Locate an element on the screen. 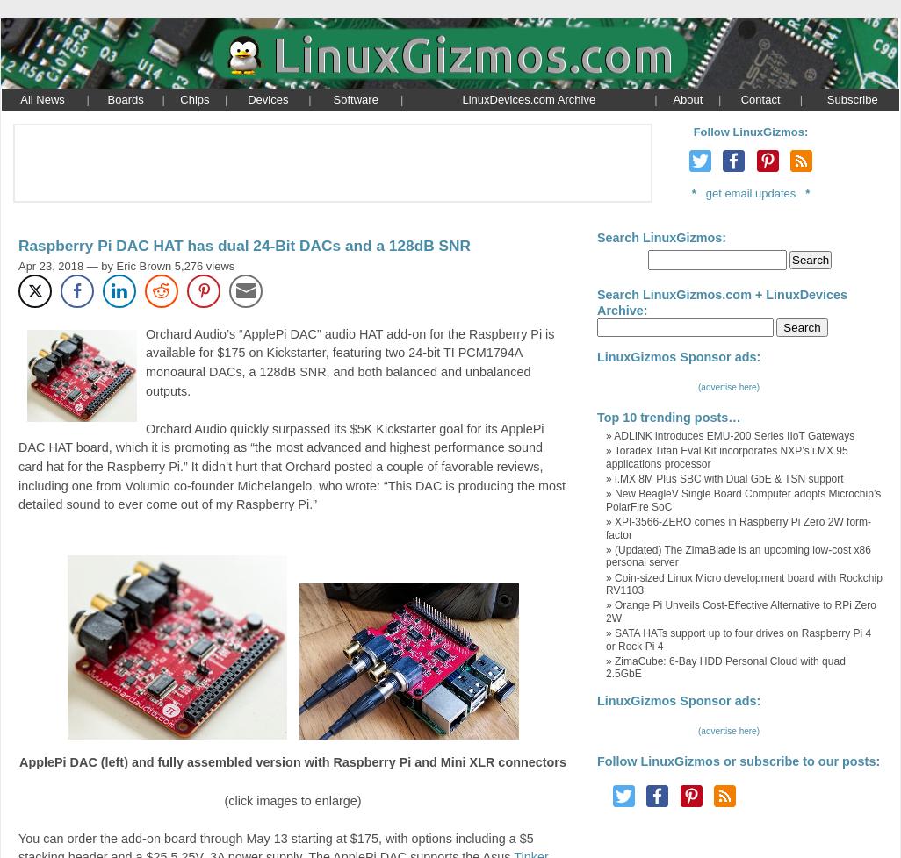 The height and width of the screenshot is (858, 901). 'Subscribe' is located at coordinates (851, 98).